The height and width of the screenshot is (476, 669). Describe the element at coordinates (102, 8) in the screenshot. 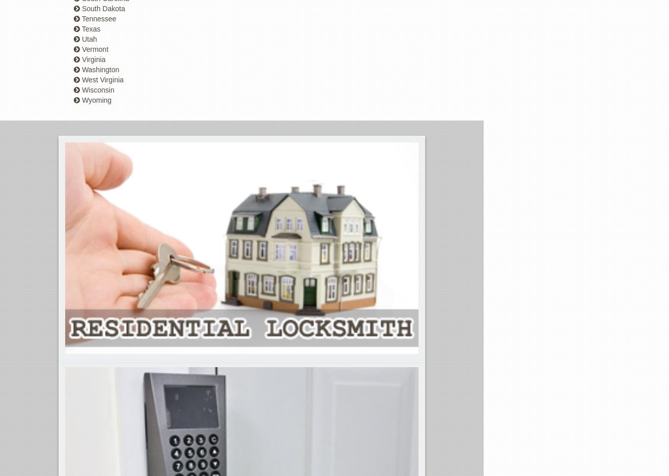

I see `'South Dakota'` at that location.